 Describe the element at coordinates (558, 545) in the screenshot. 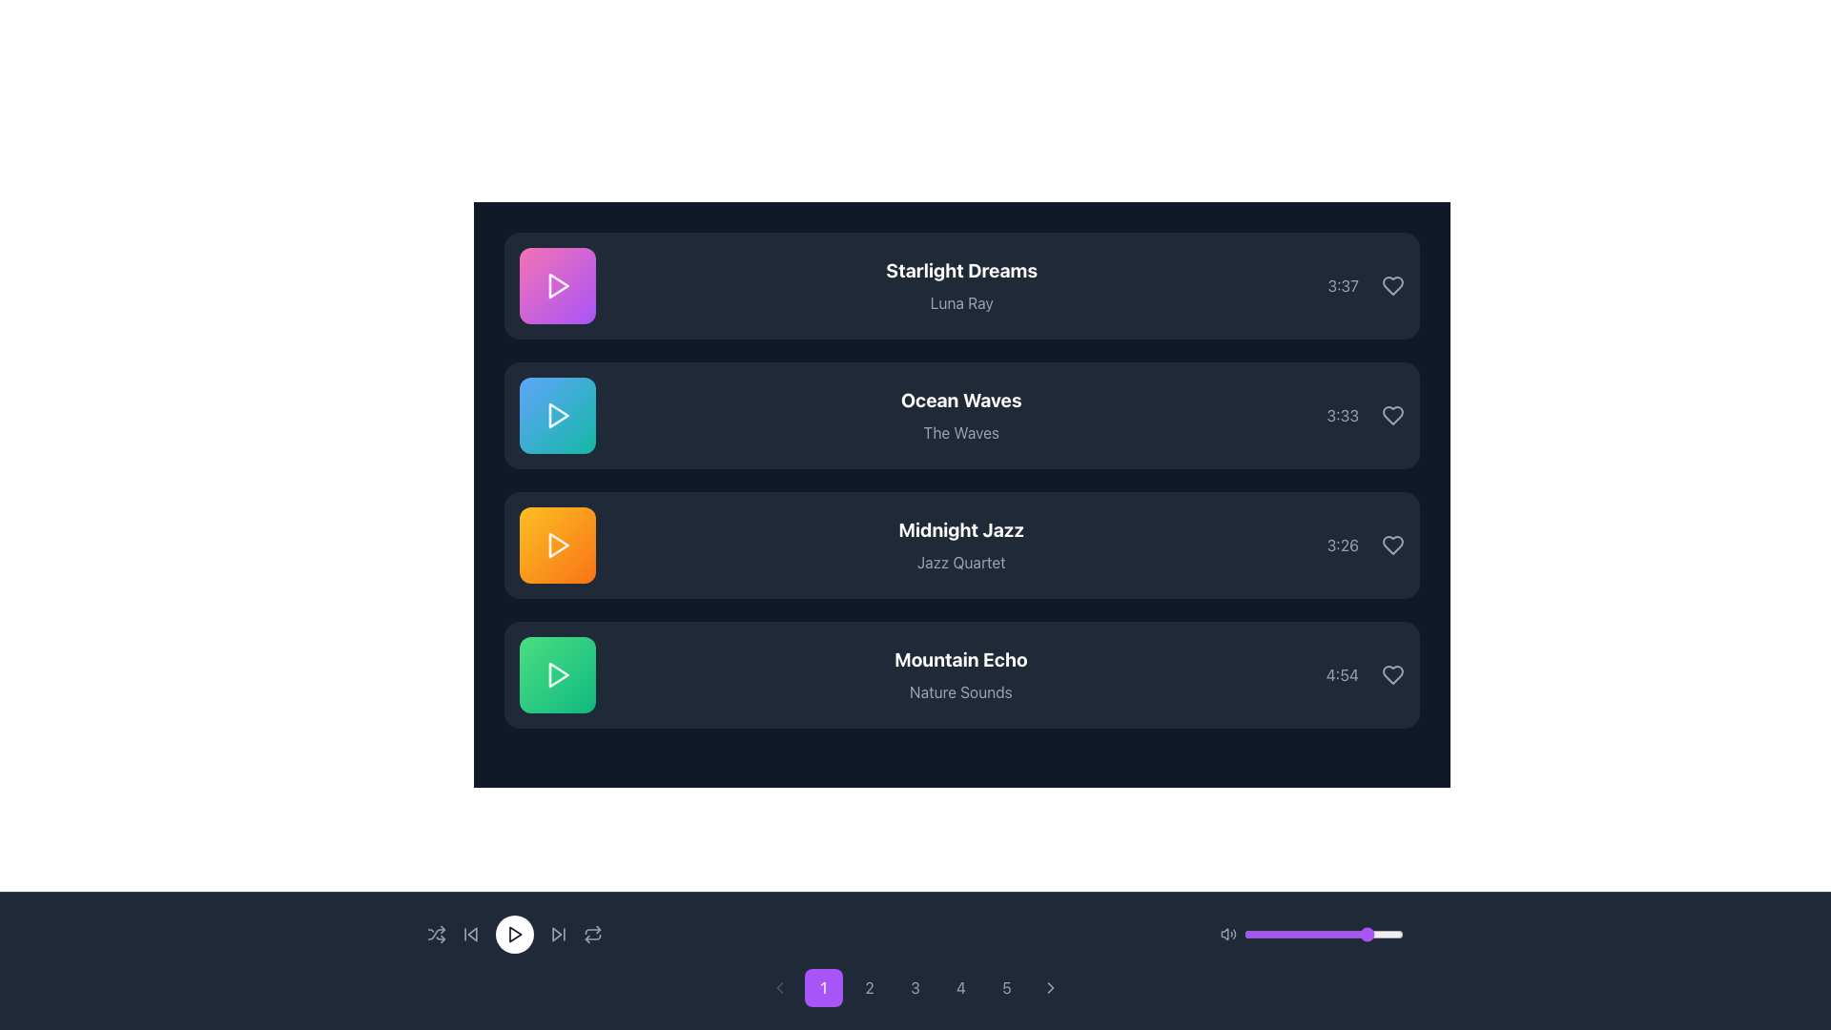

I see `the triangular play button for the 'Midnight Jazz' track` at that location.